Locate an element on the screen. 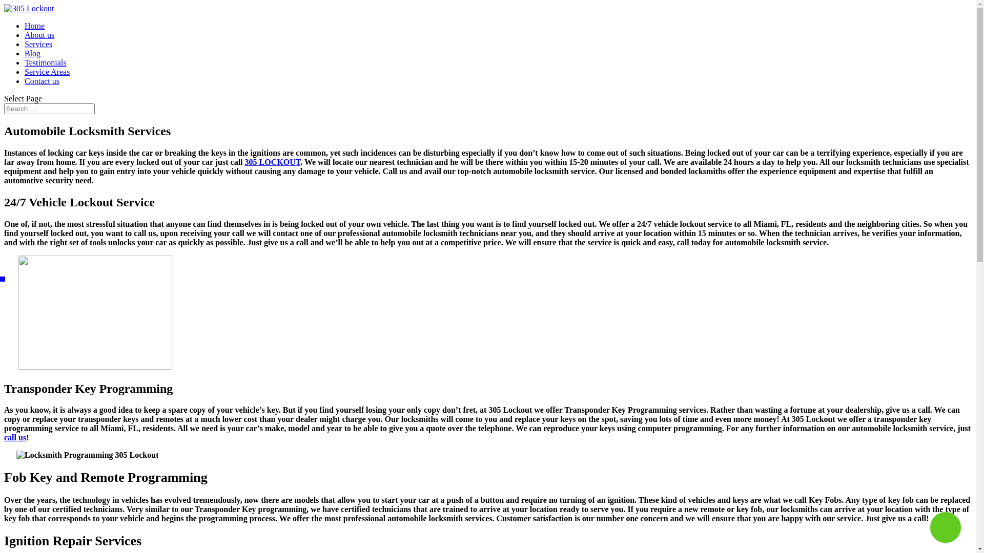  'Services' is located at coordinates (38, 44).